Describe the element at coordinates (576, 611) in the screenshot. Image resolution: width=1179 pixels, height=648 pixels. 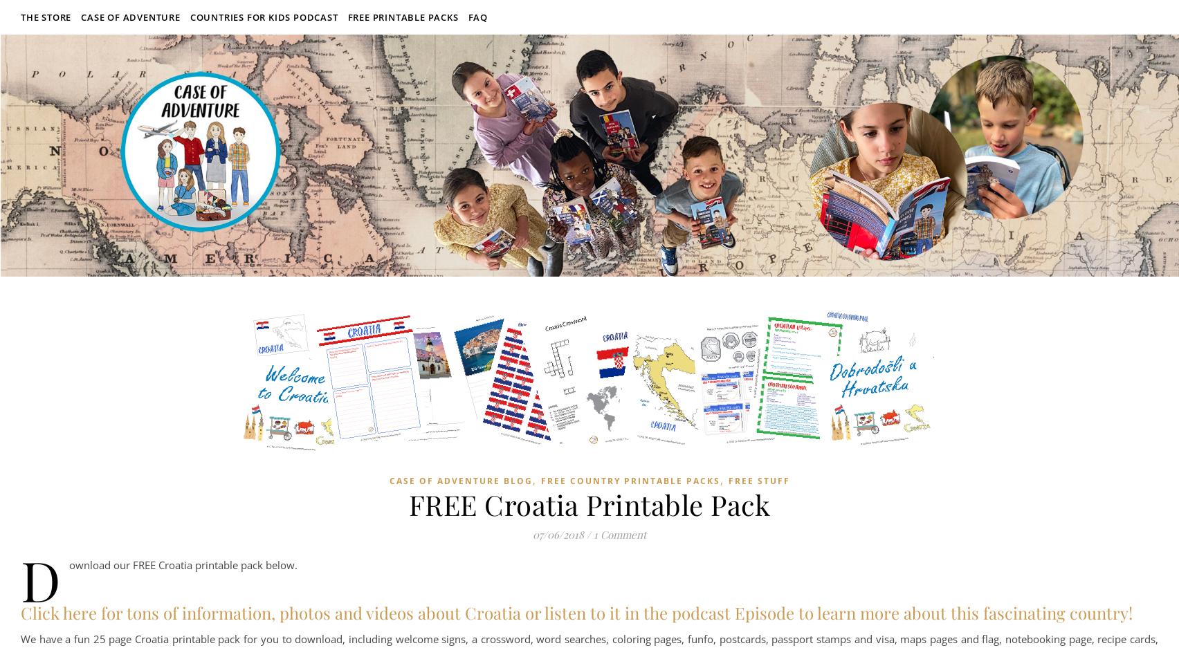
I see `'Click here for tons of information, photos and videos about Croatia or listen to it in the podcast Episode to learn more about this fascinating country!'` at that location.